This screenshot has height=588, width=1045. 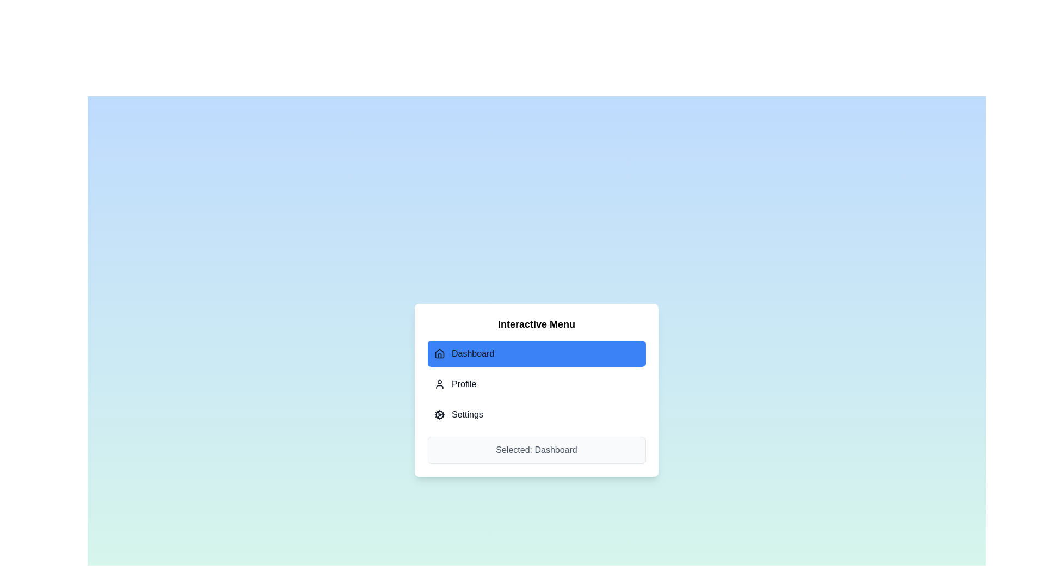 What do you see at coordinates (536, 354) in the screenshot?
I see `the tab labeled Dashboard to observe the visual feedback` at bounding box center [536, 354].